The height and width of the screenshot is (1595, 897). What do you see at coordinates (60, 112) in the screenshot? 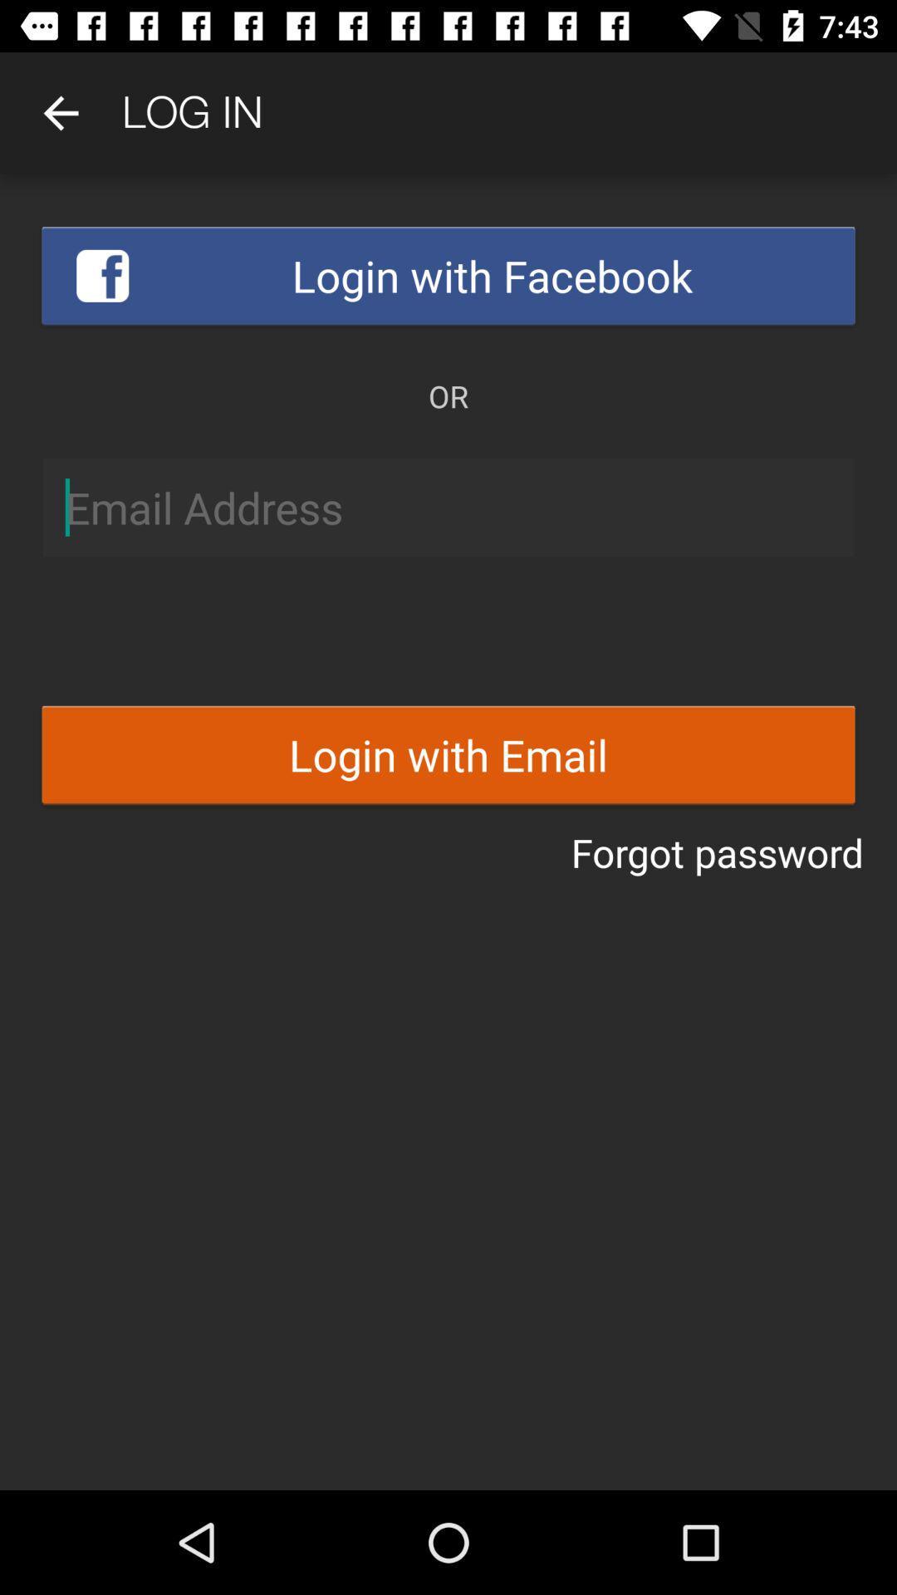
I see `item next to the log in icon` at bounding box center [60, 112].